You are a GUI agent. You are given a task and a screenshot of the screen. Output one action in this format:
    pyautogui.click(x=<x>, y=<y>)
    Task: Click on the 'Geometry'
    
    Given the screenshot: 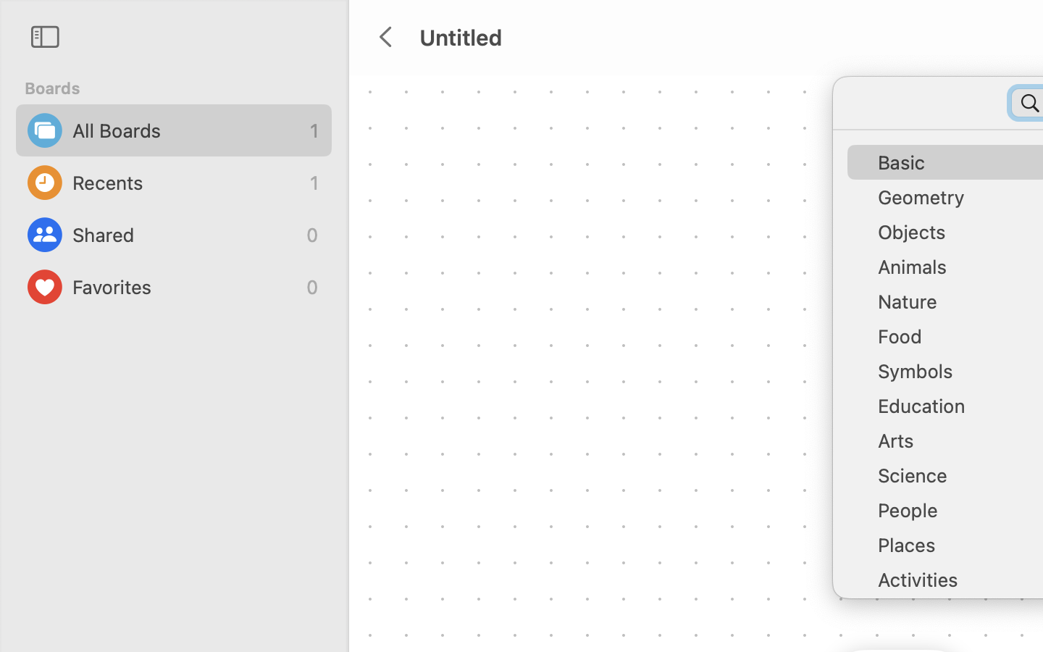 What is the action you would take?
    pyautogui.click(x=956, y=201)
    